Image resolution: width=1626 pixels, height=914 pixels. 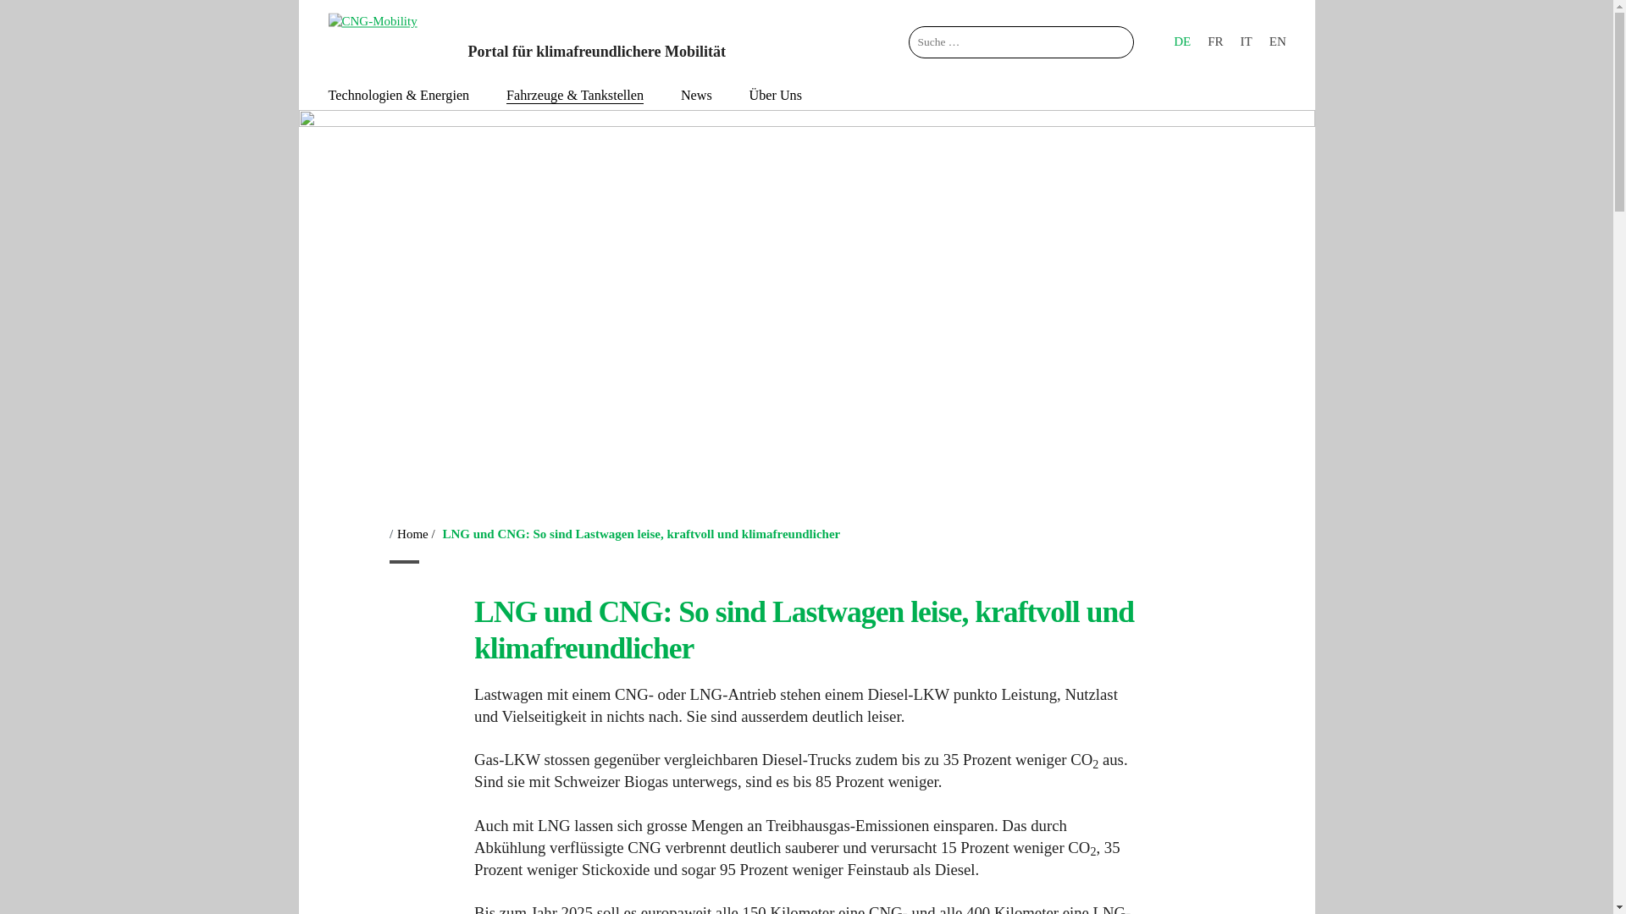 What do you see at coordinates (398, 95) in the screenshot?
I see `'Technologien & Energien'` at bounding box center [398, 95].